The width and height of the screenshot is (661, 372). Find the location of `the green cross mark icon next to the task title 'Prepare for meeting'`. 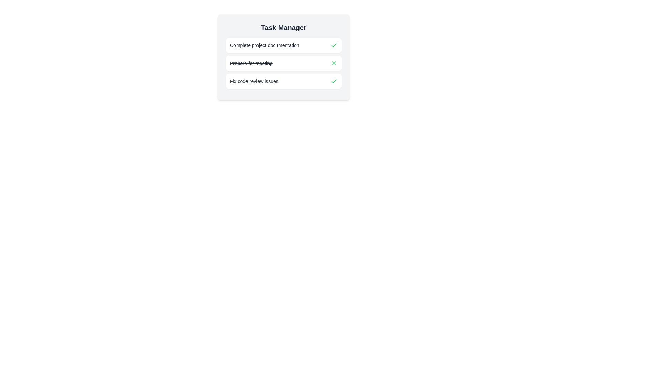

the green cross mark icon next to the task title 'Prepare for meeting' is located at coordinates (334, 63).